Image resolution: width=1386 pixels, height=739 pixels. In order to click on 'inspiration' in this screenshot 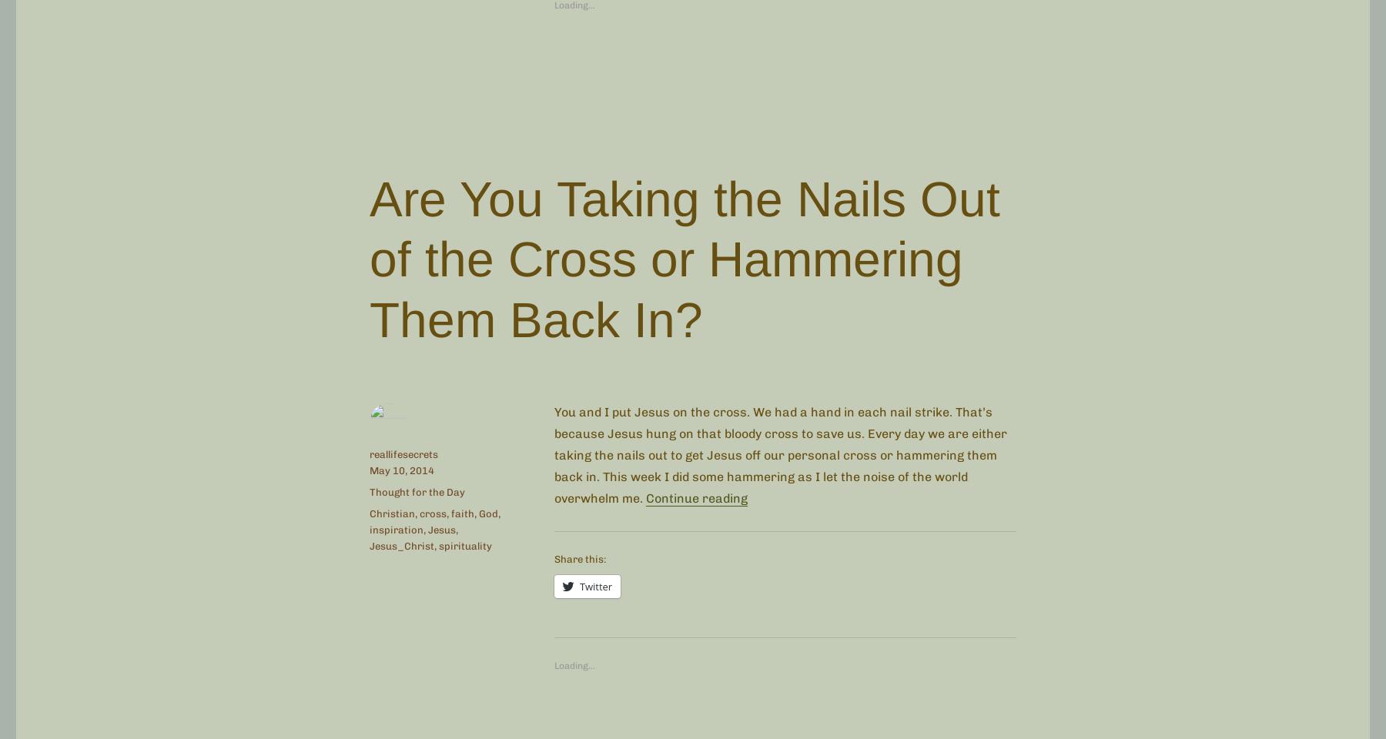, I will do `click(395, 530)`.